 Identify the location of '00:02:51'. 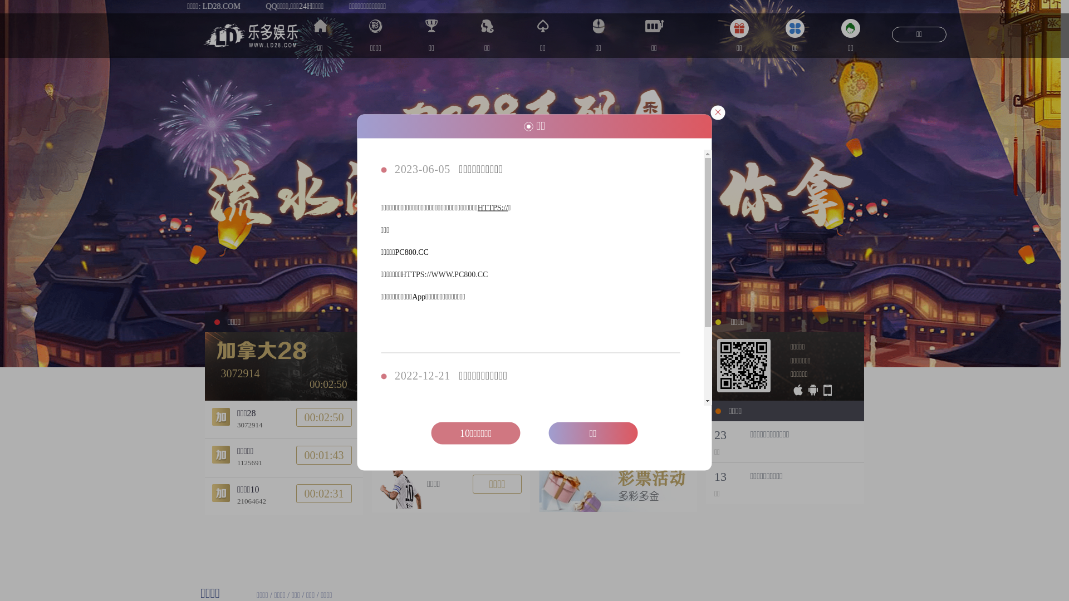
(323, 416).